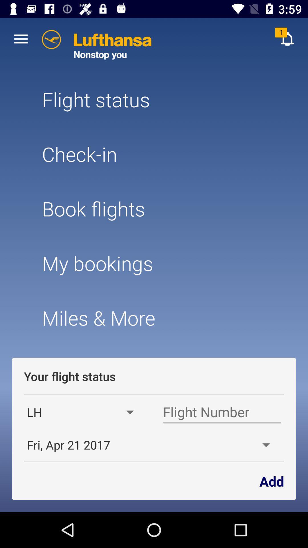  What do you see at coordinates (222, 412) in the screenshot?
I see `flight number` at bounding box center [222, 412].